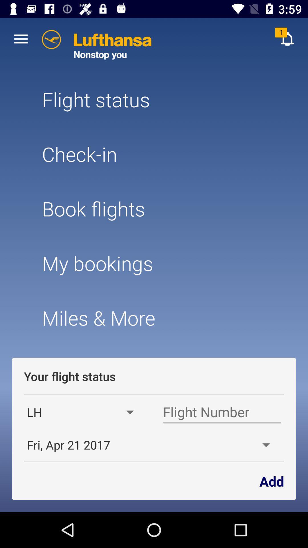  What do you see at coordinates (222, 412) in the screenshot?
I see `flight number` at bounding box center [222, 412].